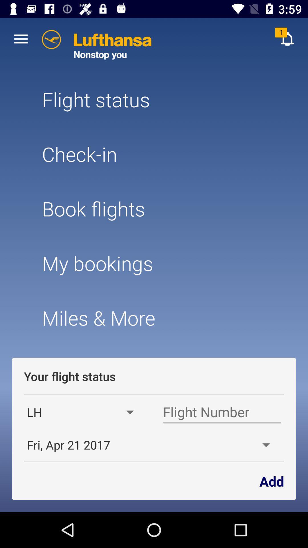  What do you see at coordinates (222, 412) in the screenshot?
I see `flight number` at bounding box center [222, 412].